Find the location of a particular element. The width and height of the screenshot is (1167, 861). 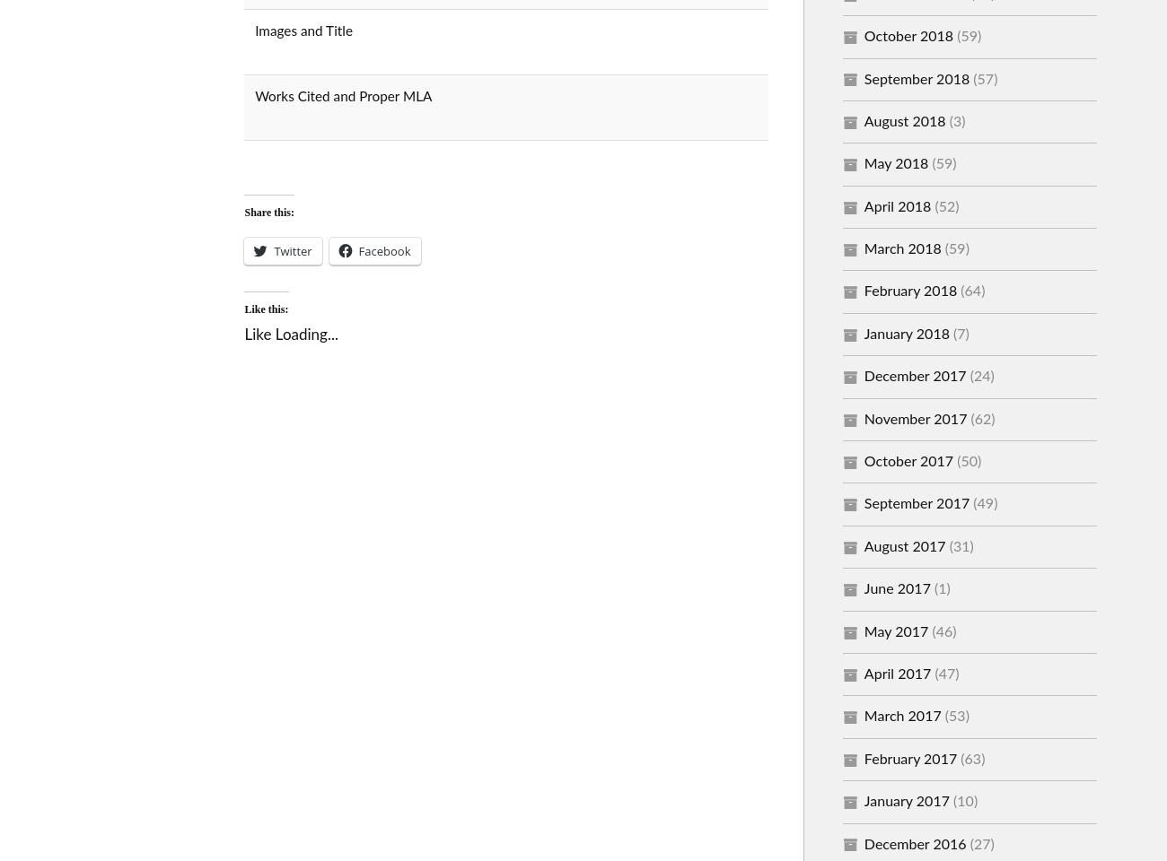

'(53)' is located at coordinates (954, 717).